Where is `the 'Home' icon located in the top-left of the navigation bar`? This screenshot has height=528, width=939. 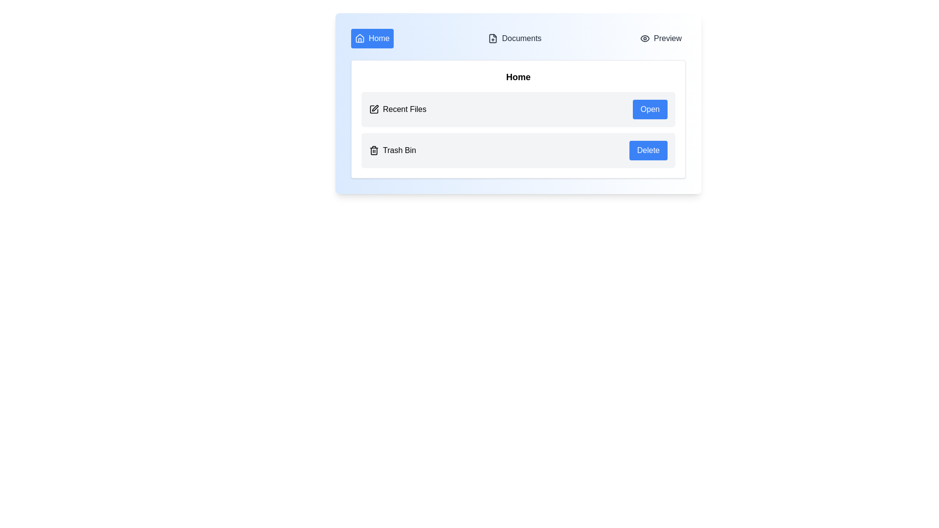
the 'Home' icon located in the top-left of the navigation bar is located at coordinates (359, 38).